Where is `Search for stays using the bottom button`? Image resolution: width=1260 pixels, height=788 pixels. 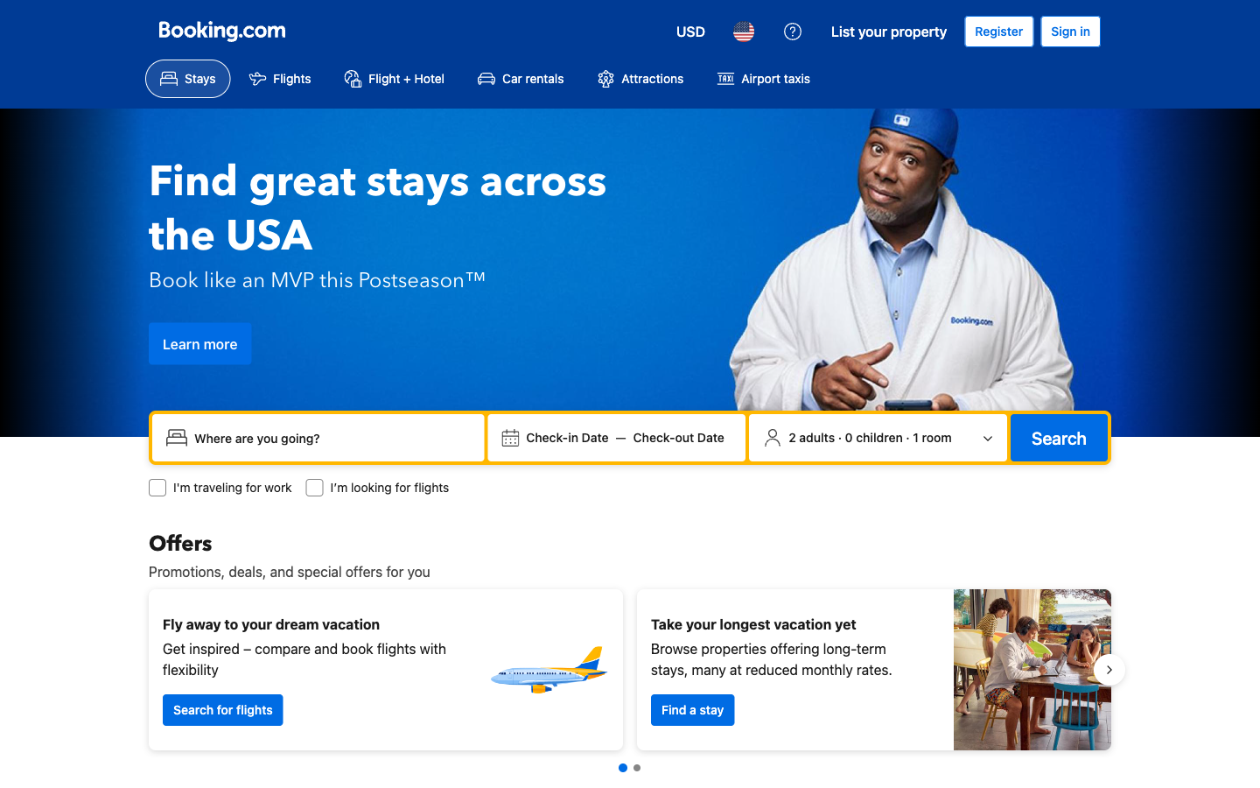 Search for stays using the bottom button is located at coordinates (692, 709).